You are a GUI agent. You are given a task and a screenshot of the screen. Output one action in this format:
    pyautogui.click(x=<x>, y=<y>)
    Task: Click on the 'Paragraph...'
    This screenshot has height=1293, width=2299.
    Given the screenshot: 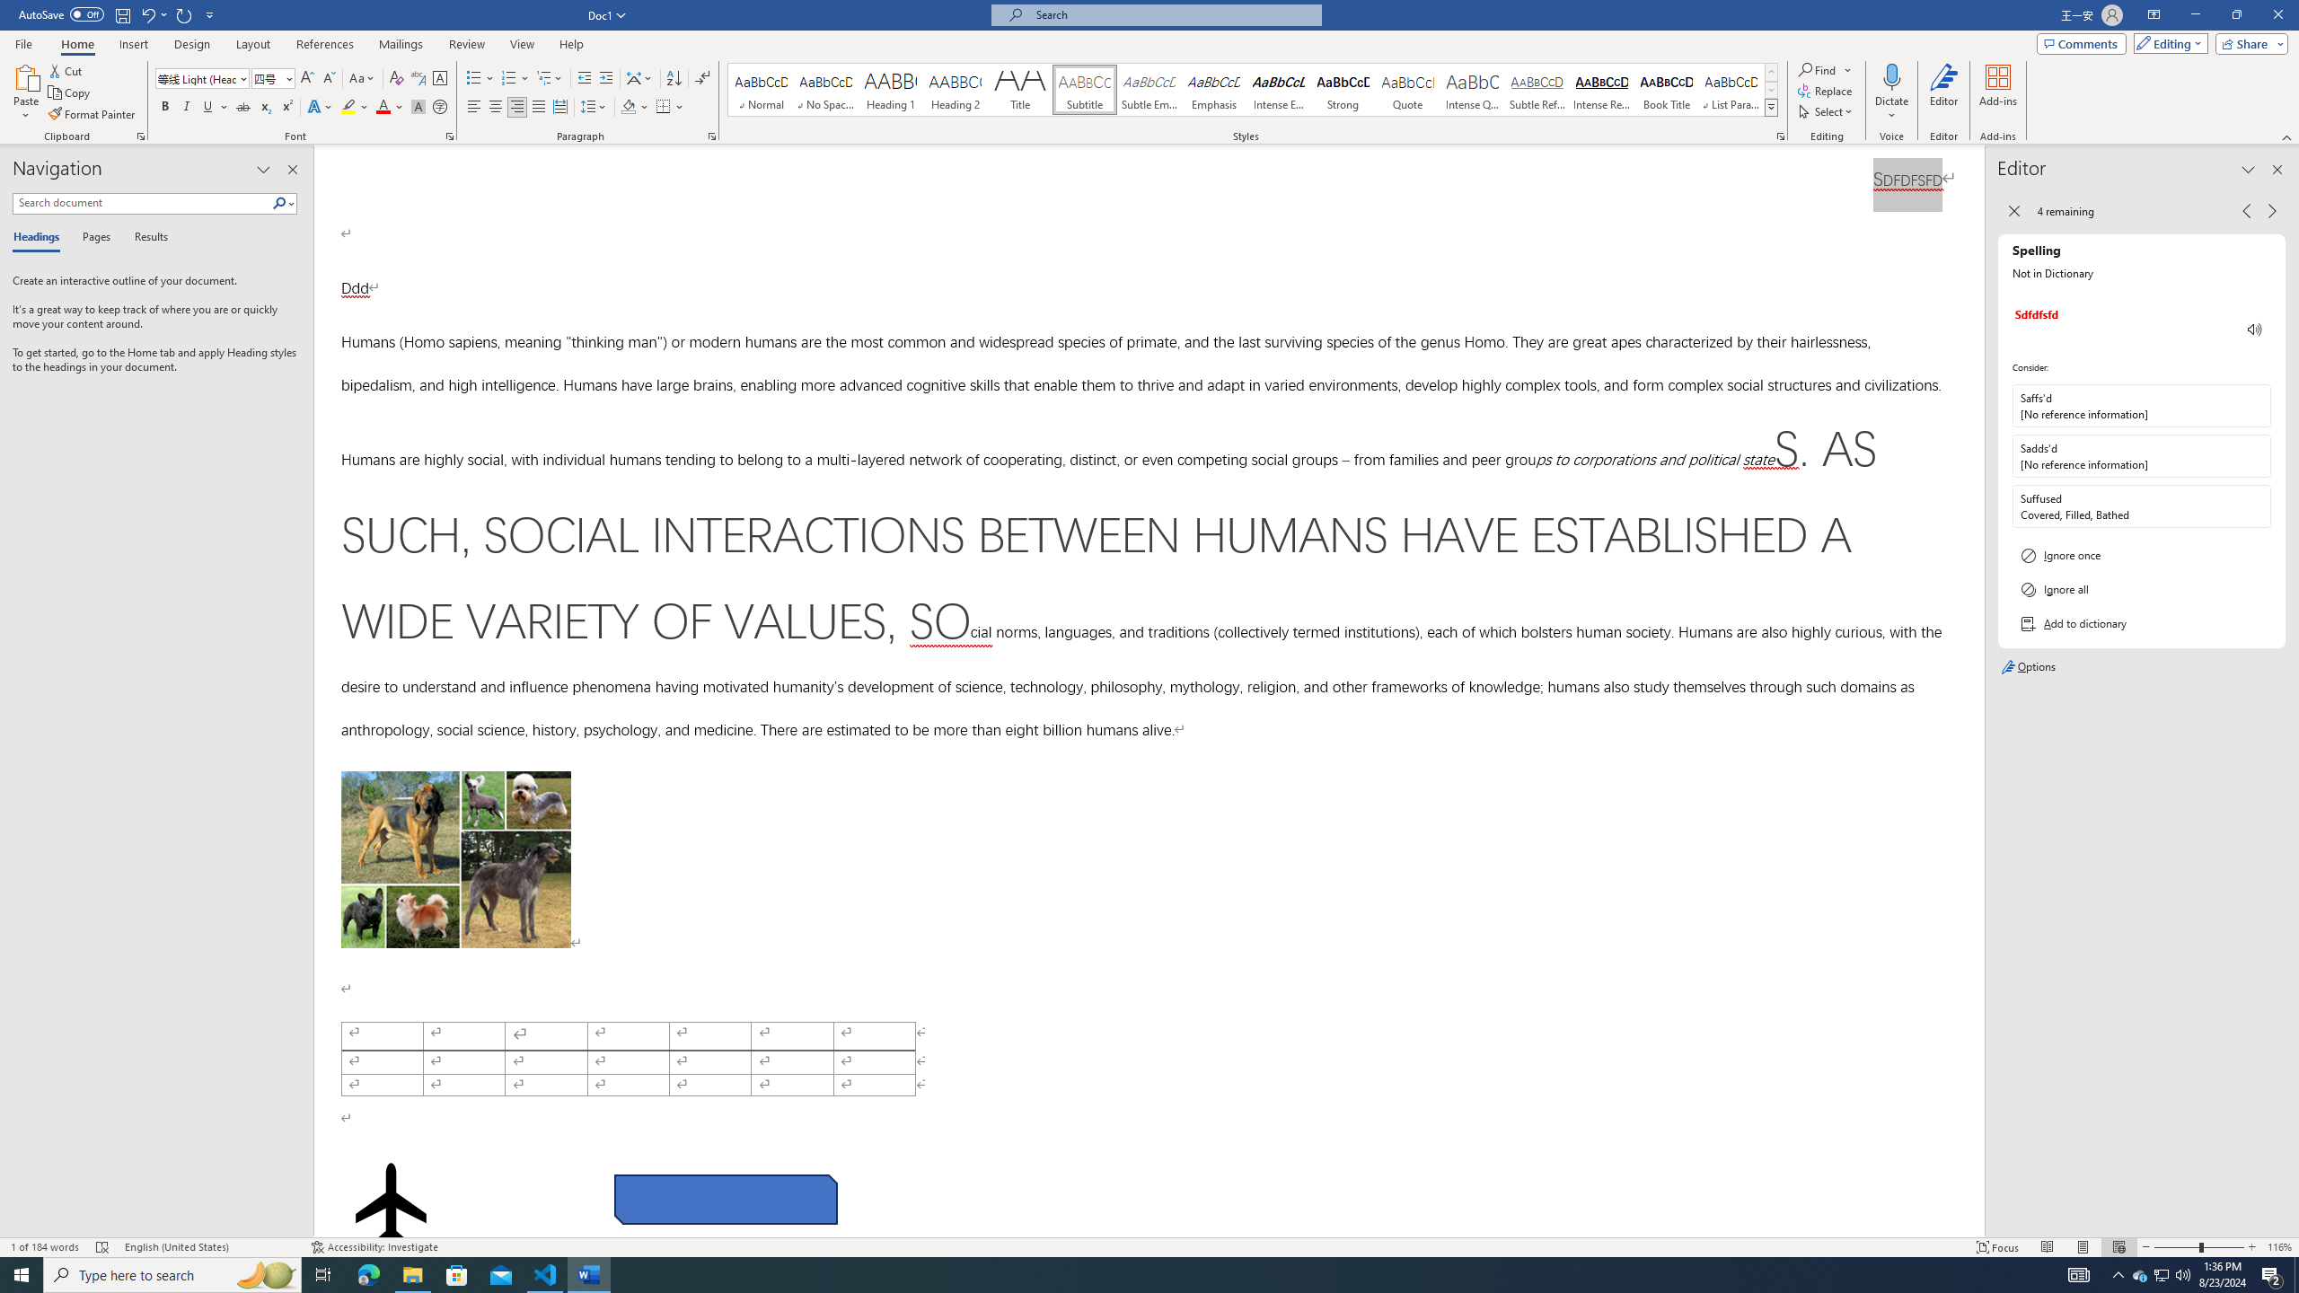 What is the action you would take?
    pyautogui.click(x=711, y=135)
    